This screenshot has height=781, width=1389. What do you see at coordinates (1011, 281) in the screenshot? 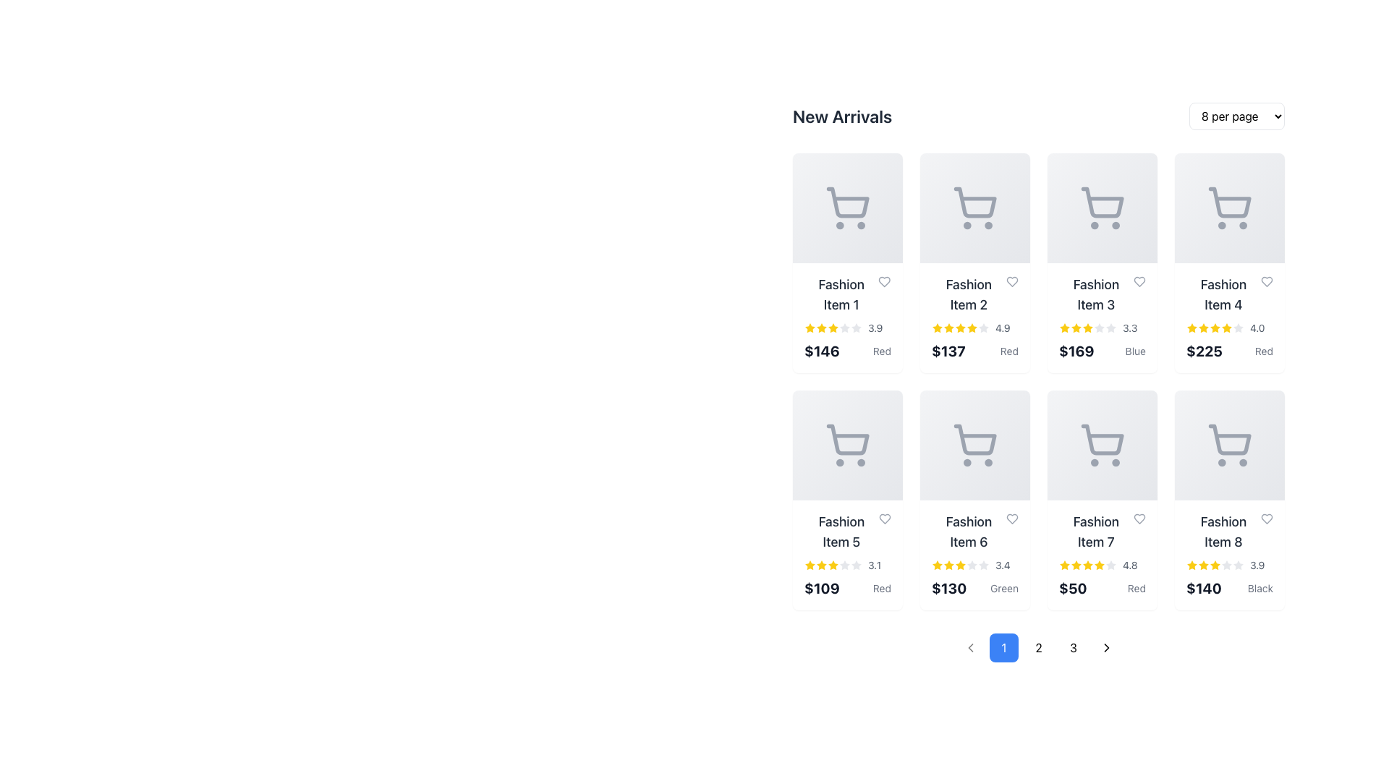
I see `the heart icon located at the top-right corner of the card representing 'Fashion Item 2' in the 'New Arrivals' section to favorite the item` at bounding box center [1011, 281].